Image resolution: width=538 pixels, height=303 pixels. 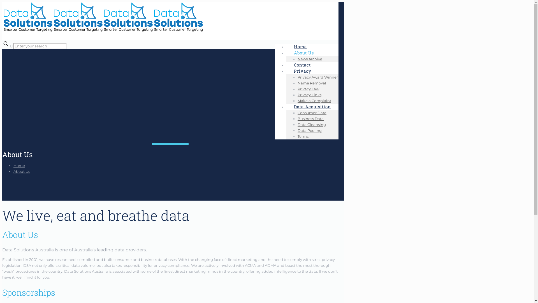 What do you see at coordinates (302, 65) in the screenshot?
I see `'Contact'` at bounding box center [302, 65].